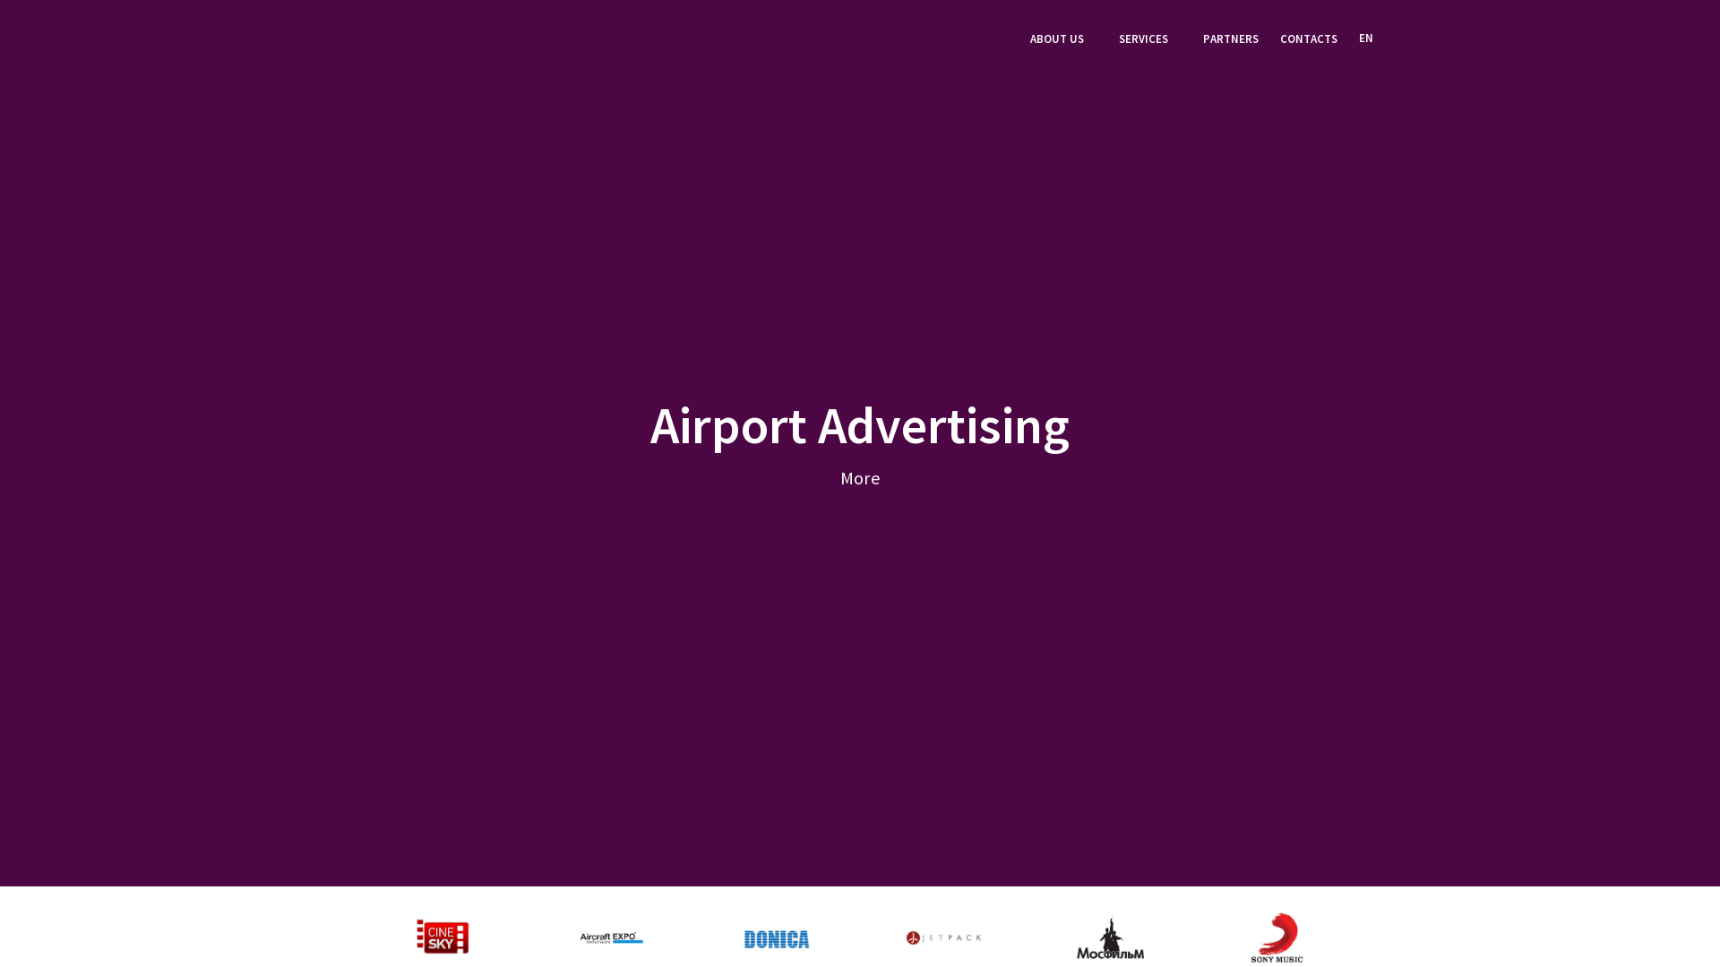 This screenshot has width=1720, height=967. What do you see at coordinates (860, 476) in the screenshot?
I see `'More'` at bounding box center [860, 476].